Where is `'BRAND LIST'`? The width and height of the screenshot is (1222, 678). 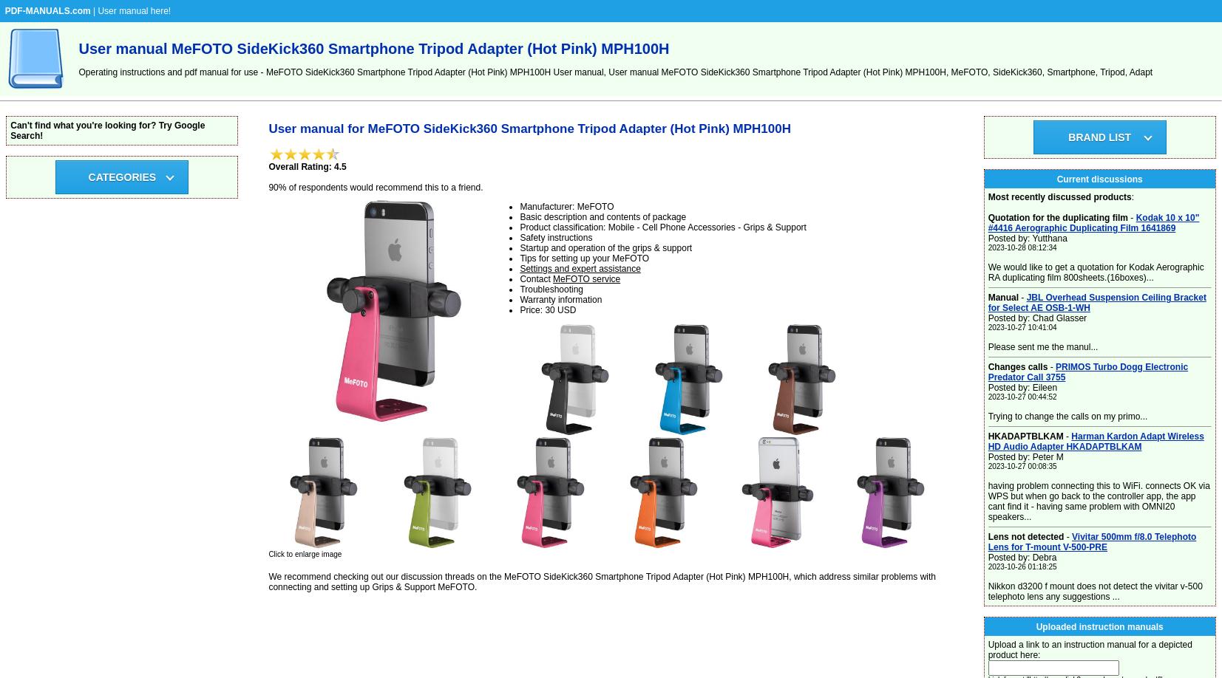 'BRAND LIST' is located at coordinates (1099, 137).